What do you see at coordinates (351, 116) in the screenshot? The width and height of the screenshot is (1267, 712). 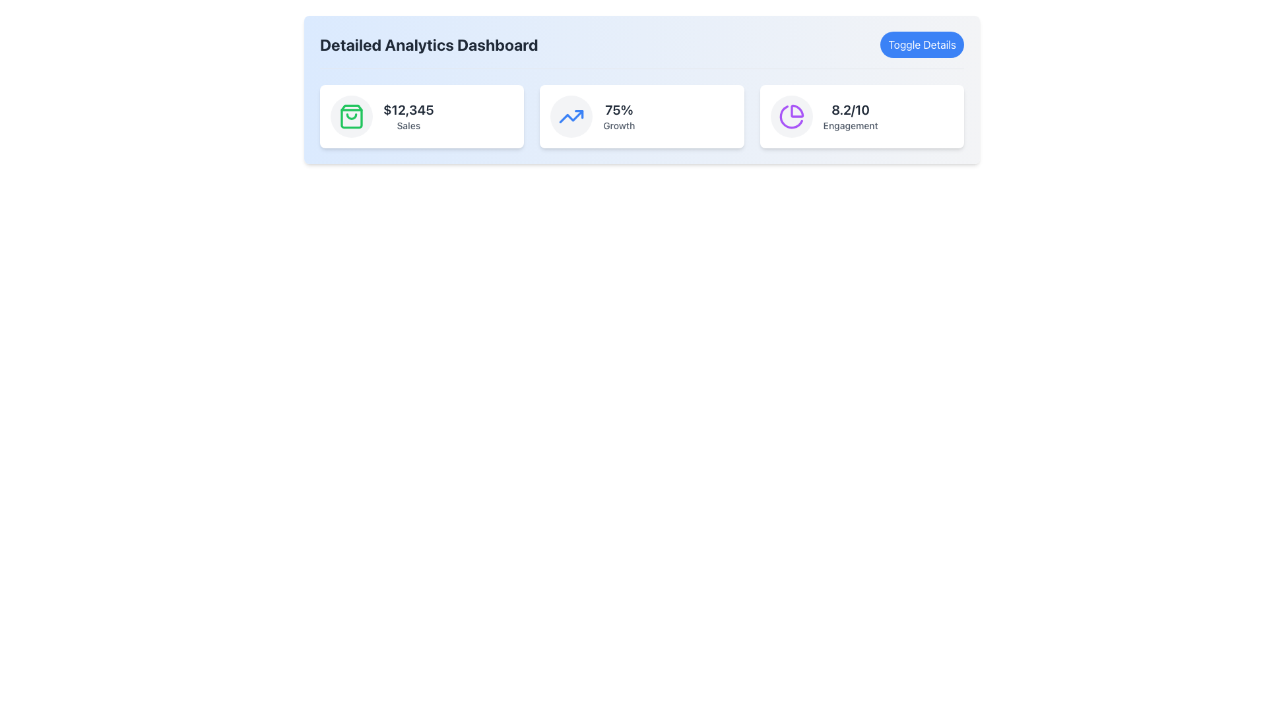 I see `the shopping bag icon located at the center of the leftmost card of the dashboard, which is above the '$12,345 Sales' text and centrally aligned within its light gray circular button` at bounding box center [351, 116].